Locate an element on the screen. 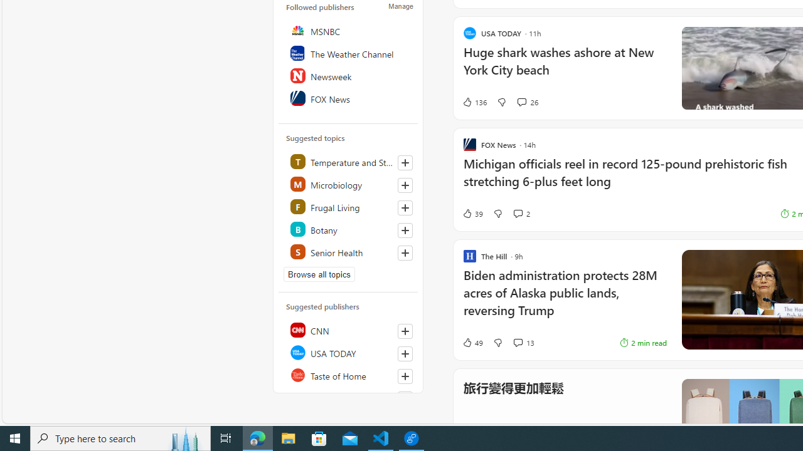  'View comments 2 Comment' is located at coordinates (518, 212).